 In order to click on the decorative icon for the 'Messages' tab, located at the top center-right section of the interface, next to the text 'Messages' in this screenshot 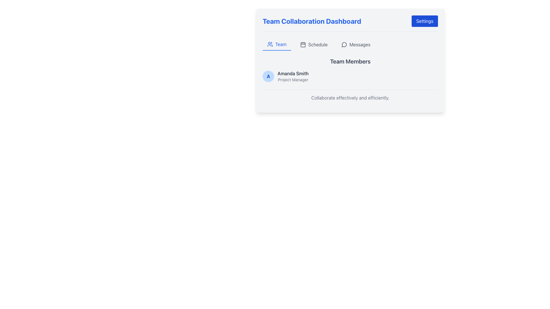, I will do `click(344, 44)`.